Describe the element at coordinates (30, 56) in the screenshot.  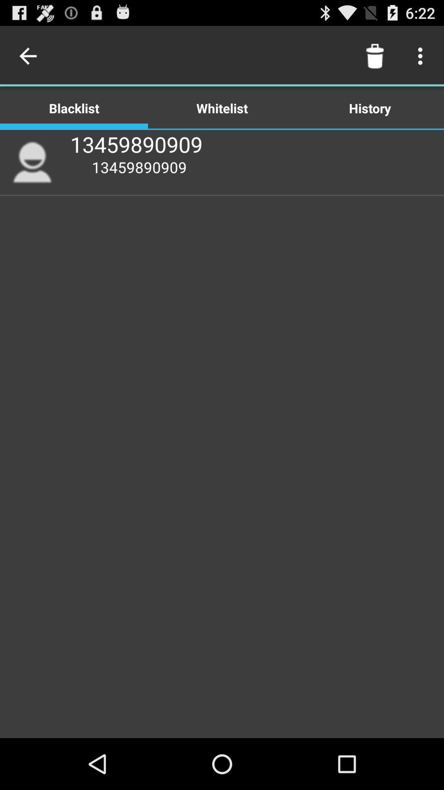
I see `the item next to the whitelist icon` at that location.